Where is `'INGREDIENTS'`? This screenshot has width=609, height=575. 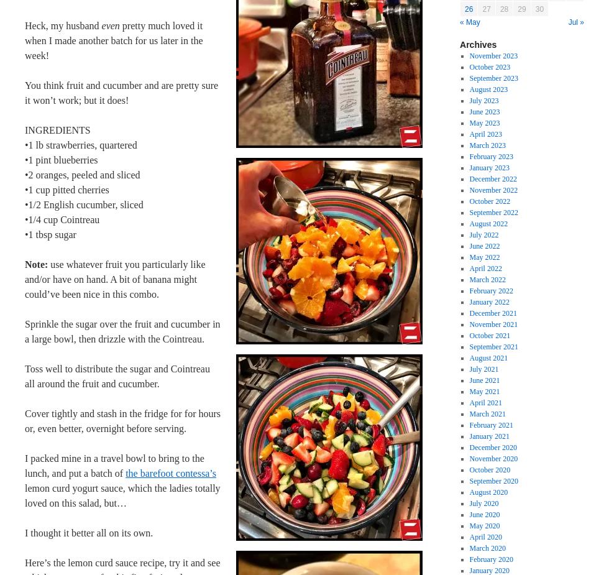
'INGREDIENTS' is located at coordinates (57, 129).